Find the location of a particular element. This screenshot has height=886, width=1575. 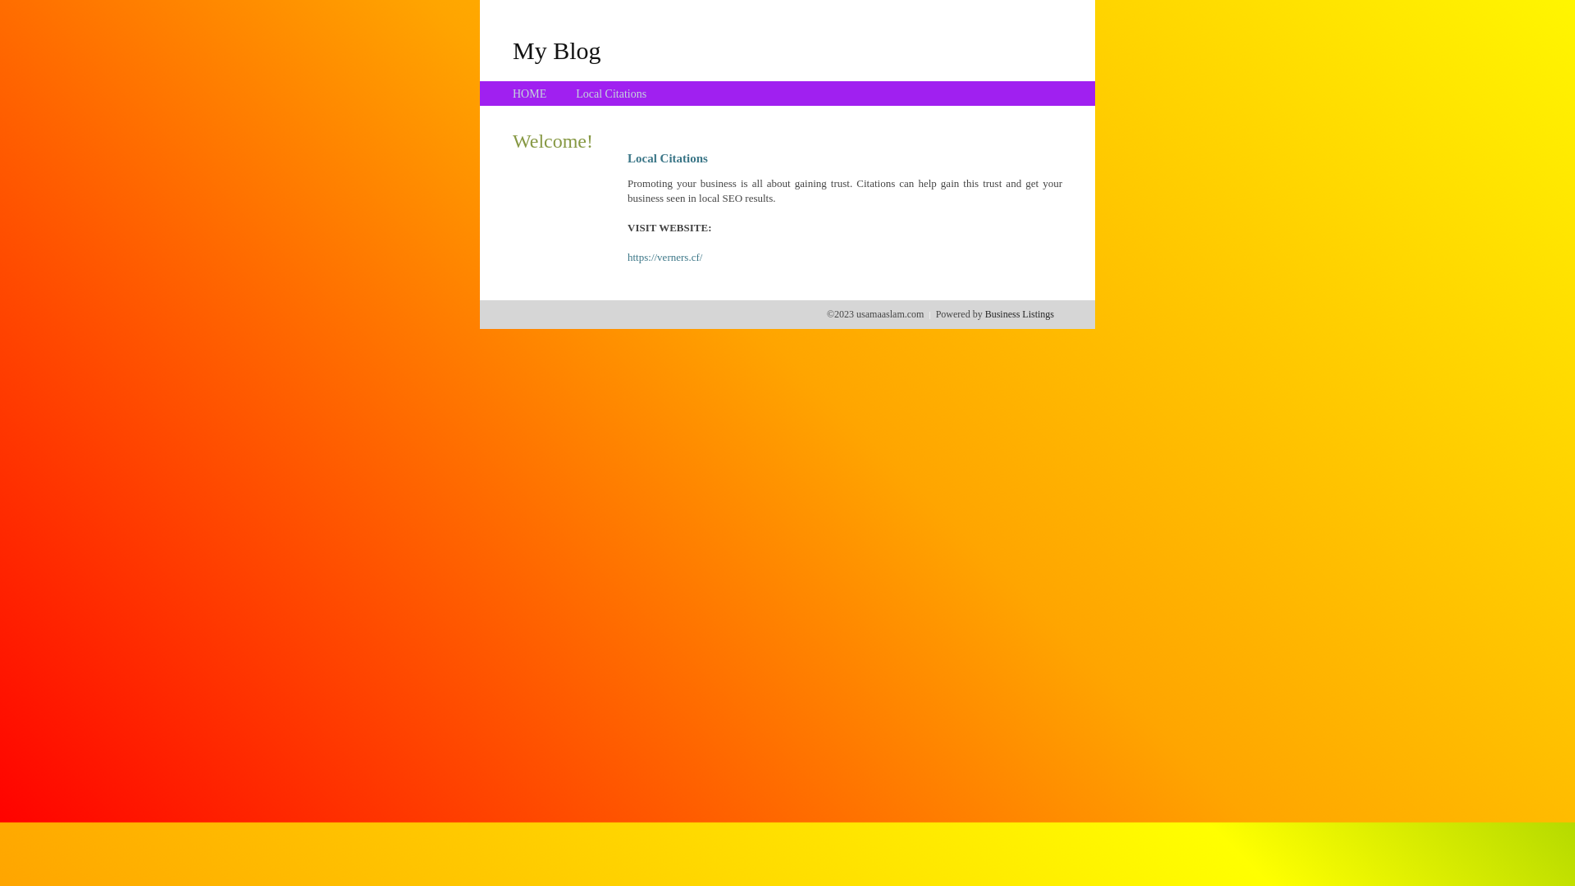

'Business Listings' is located at coordinates (1019, 313).